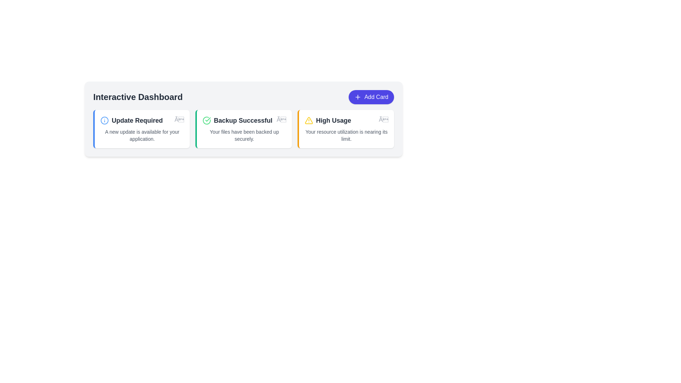  What do you see at coordinates (104, 120) in the screenshot?
I see `the central circular feature of the icon representing information or alert within the 'Update Required' card on the 'Interactive Dashboard'` at bounding box center [104, 120].